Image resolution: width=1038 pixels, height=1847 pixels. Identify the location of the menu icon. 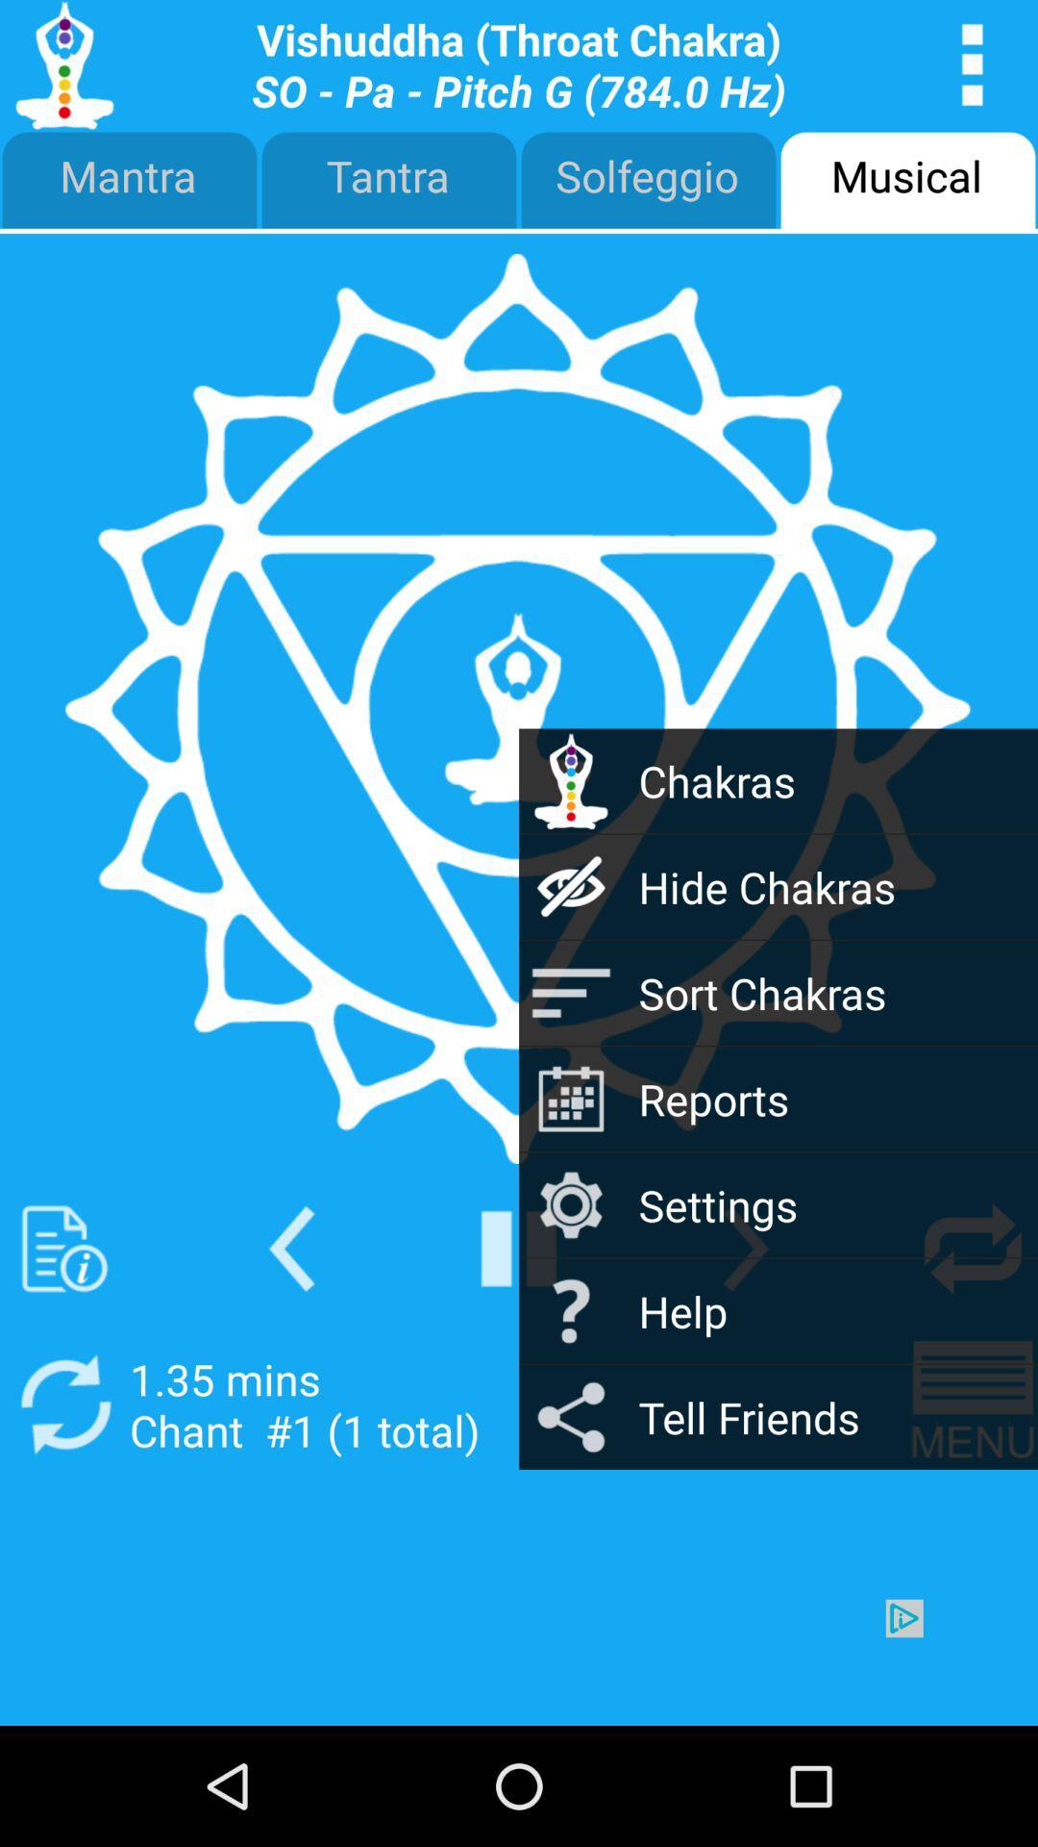
(973, 1502).